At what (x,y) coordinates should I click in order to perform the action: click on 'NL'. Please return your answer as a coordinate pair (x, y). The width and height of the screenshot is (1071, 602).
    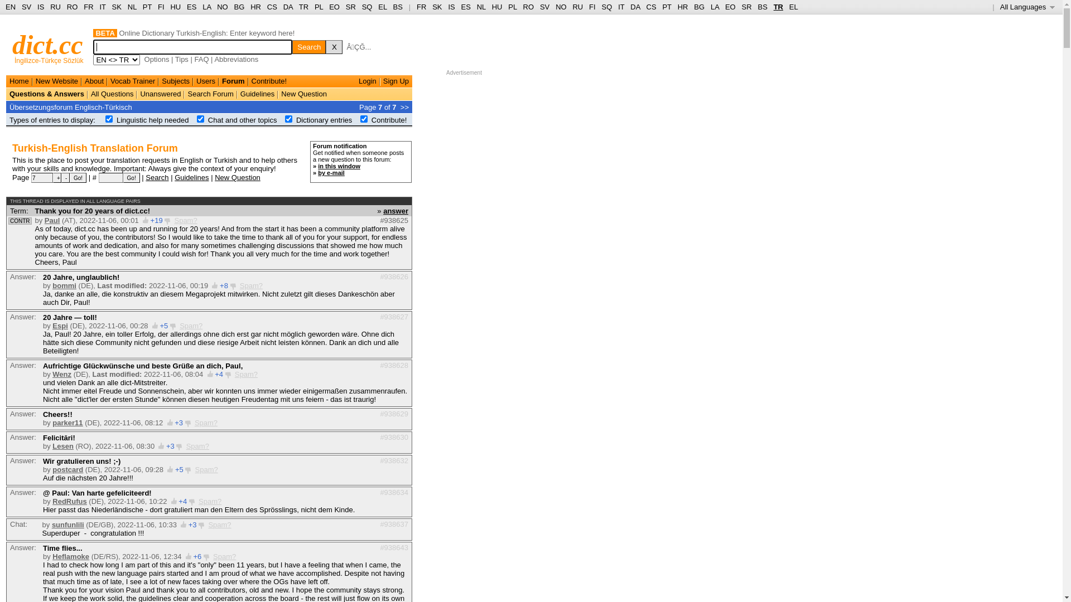
    Looking at the image, I should click on (481, 7).